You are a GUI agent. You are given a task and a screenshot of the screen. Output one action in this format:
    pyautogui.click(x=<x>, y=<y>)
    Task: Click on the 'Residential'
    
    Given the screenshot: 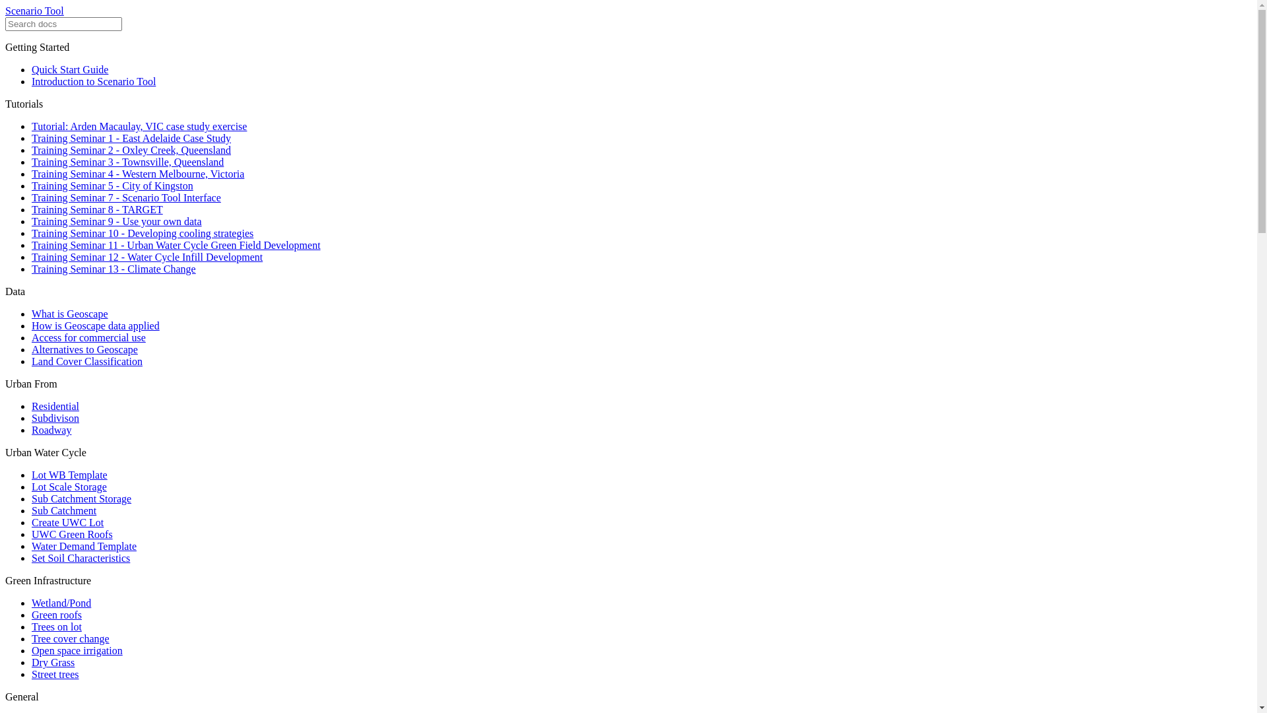 What is the action you would take?
    pyautogui.click(x=54, y=405)
    